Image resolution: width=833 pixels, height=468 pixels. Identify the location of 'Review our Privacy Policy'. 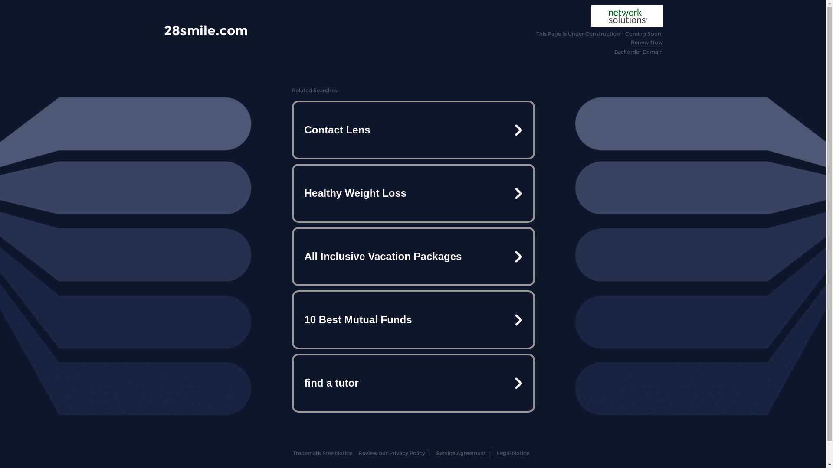
(358, 452).